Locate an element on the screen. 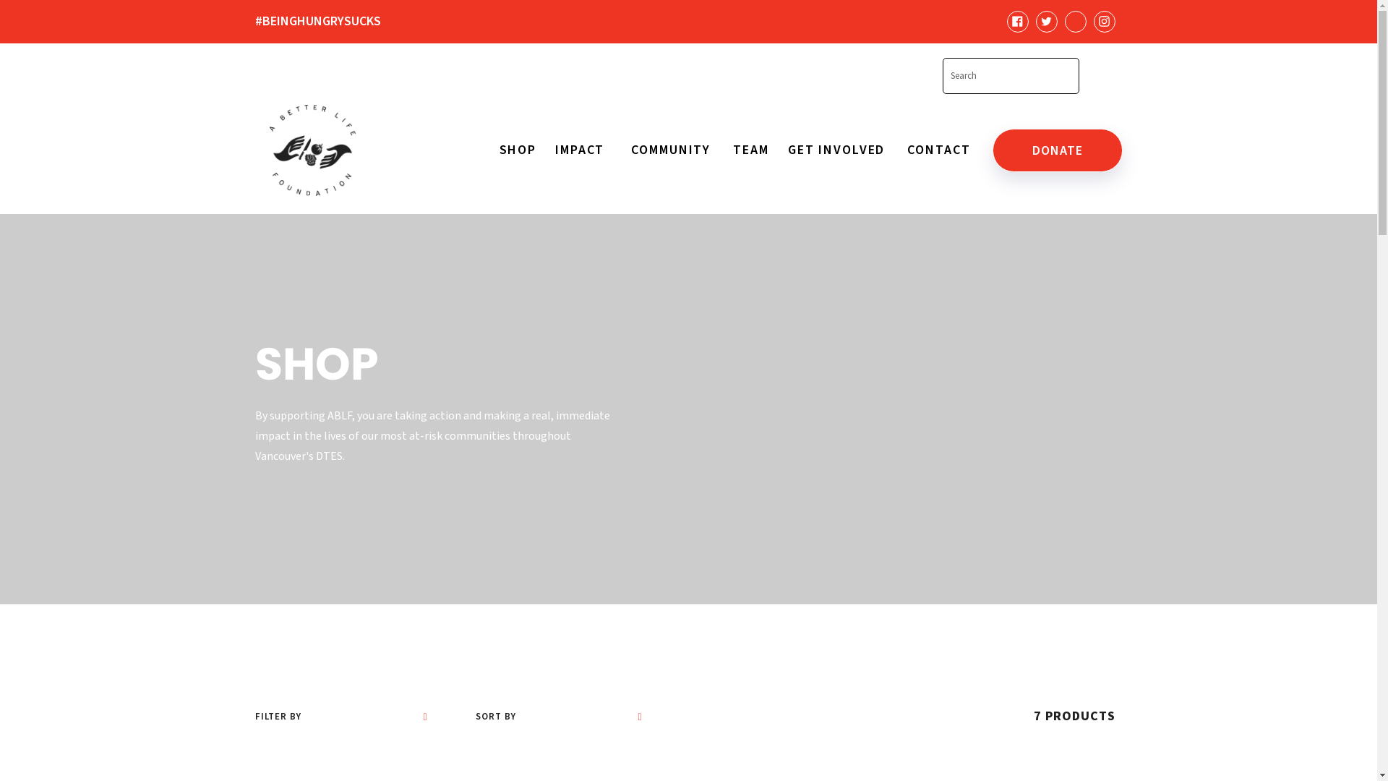 The width and height of the screenshot is (1388, 781). 'COMMUNITY' is located at coordinates (672, 150).